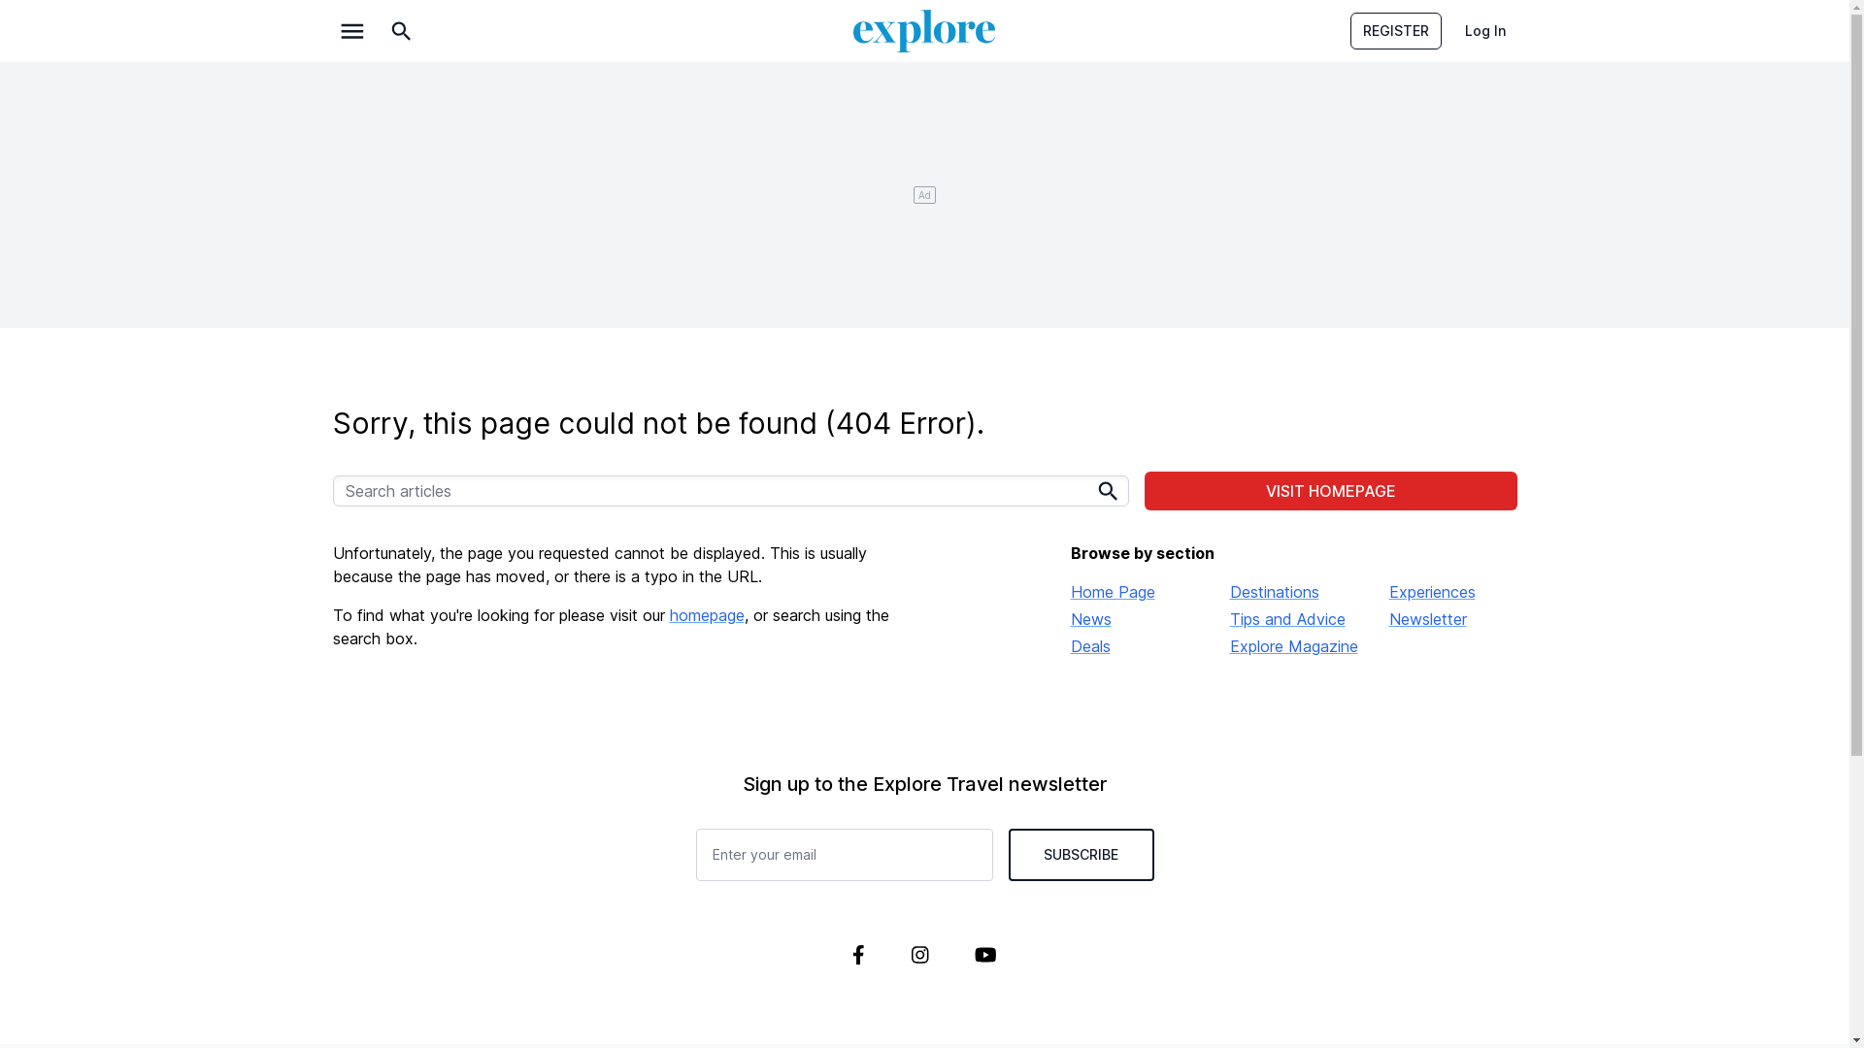 The height and width of the screenshot is (1048, 1864). Describe the element at coordinates (1483, 30) in the screenshot. I see `'Log In'` at that location.